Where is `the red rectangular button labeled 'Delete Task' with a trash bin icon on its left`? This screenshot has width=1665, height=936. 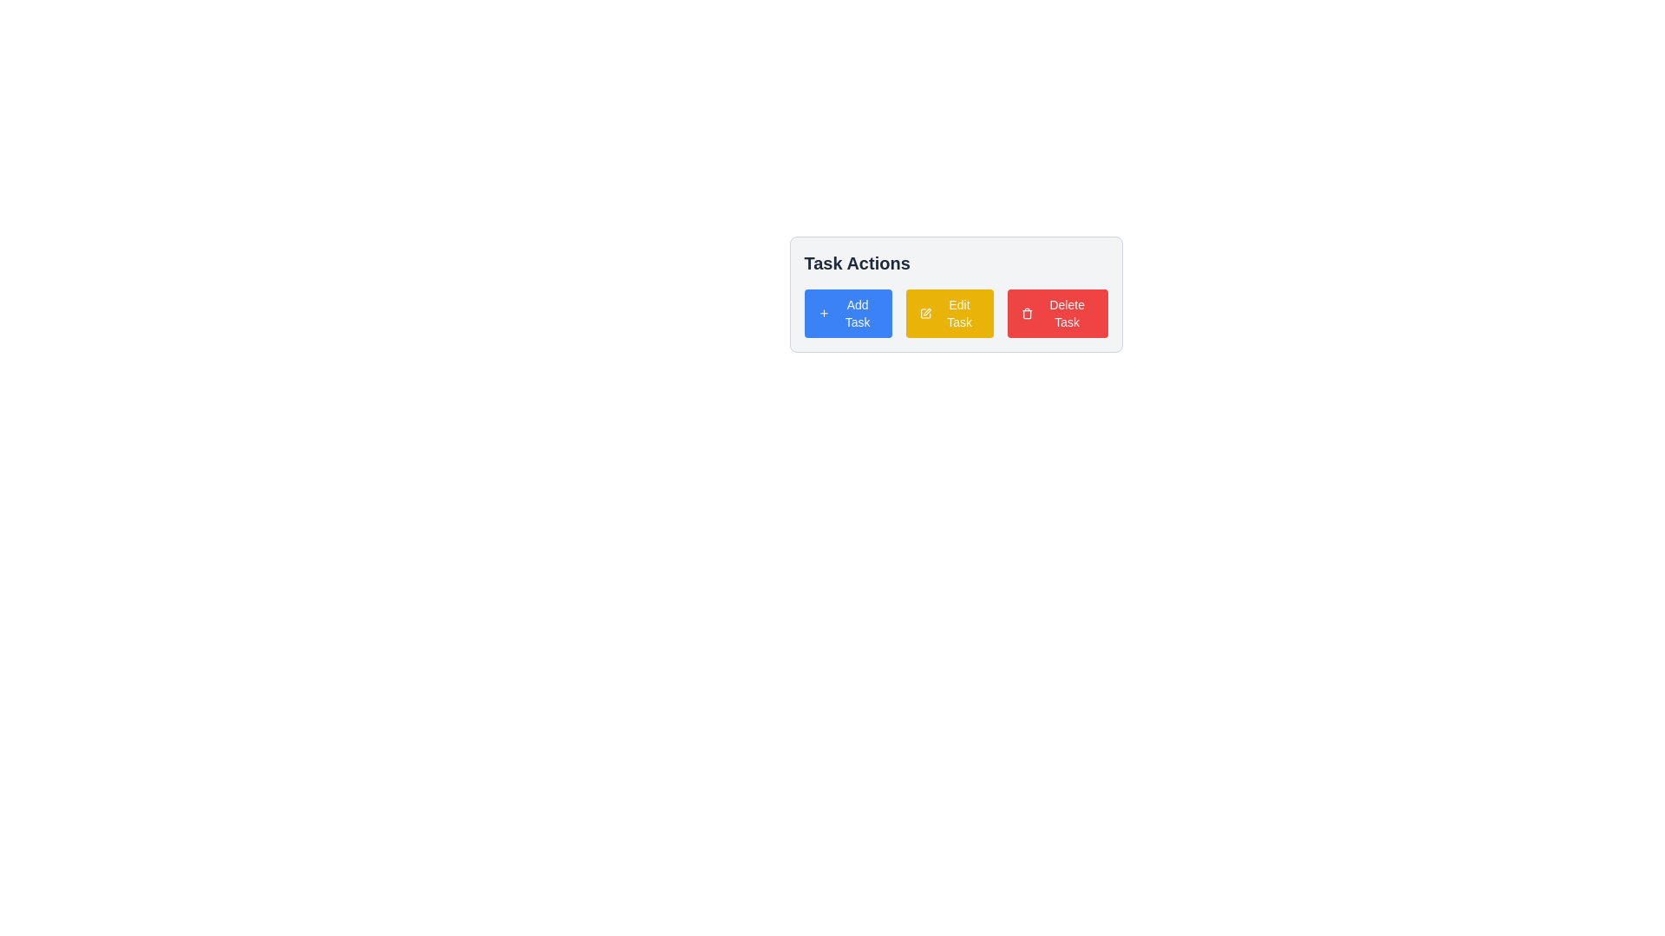
the red rectangular button labeled 'Delete Task' with a trash bin icon on its left is located at coordinates (1056, 314).